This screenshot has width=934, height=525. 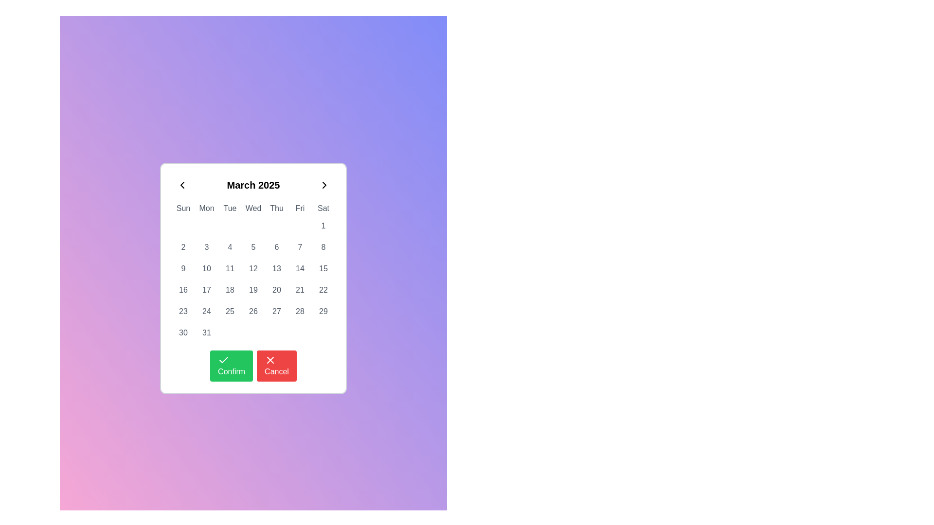 I want to click on the clickable date item representing the date '19' in the calendar interface, located in the fifth row under the 'Wed' column header, so click(x=253, y=290).